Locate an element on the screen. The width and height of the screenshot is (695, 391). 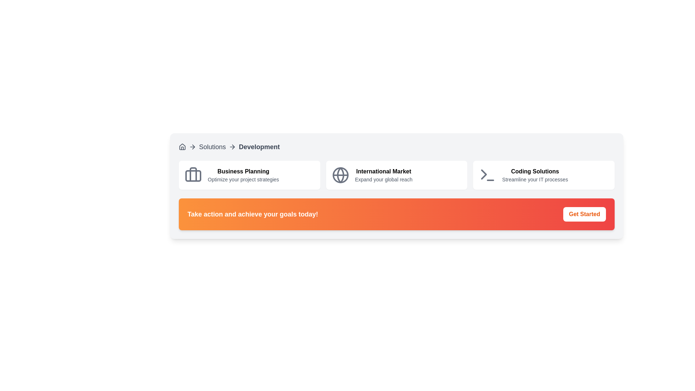
the bold 'Development' text in the breadcrumb navigation is located at coordinates (259, 147).